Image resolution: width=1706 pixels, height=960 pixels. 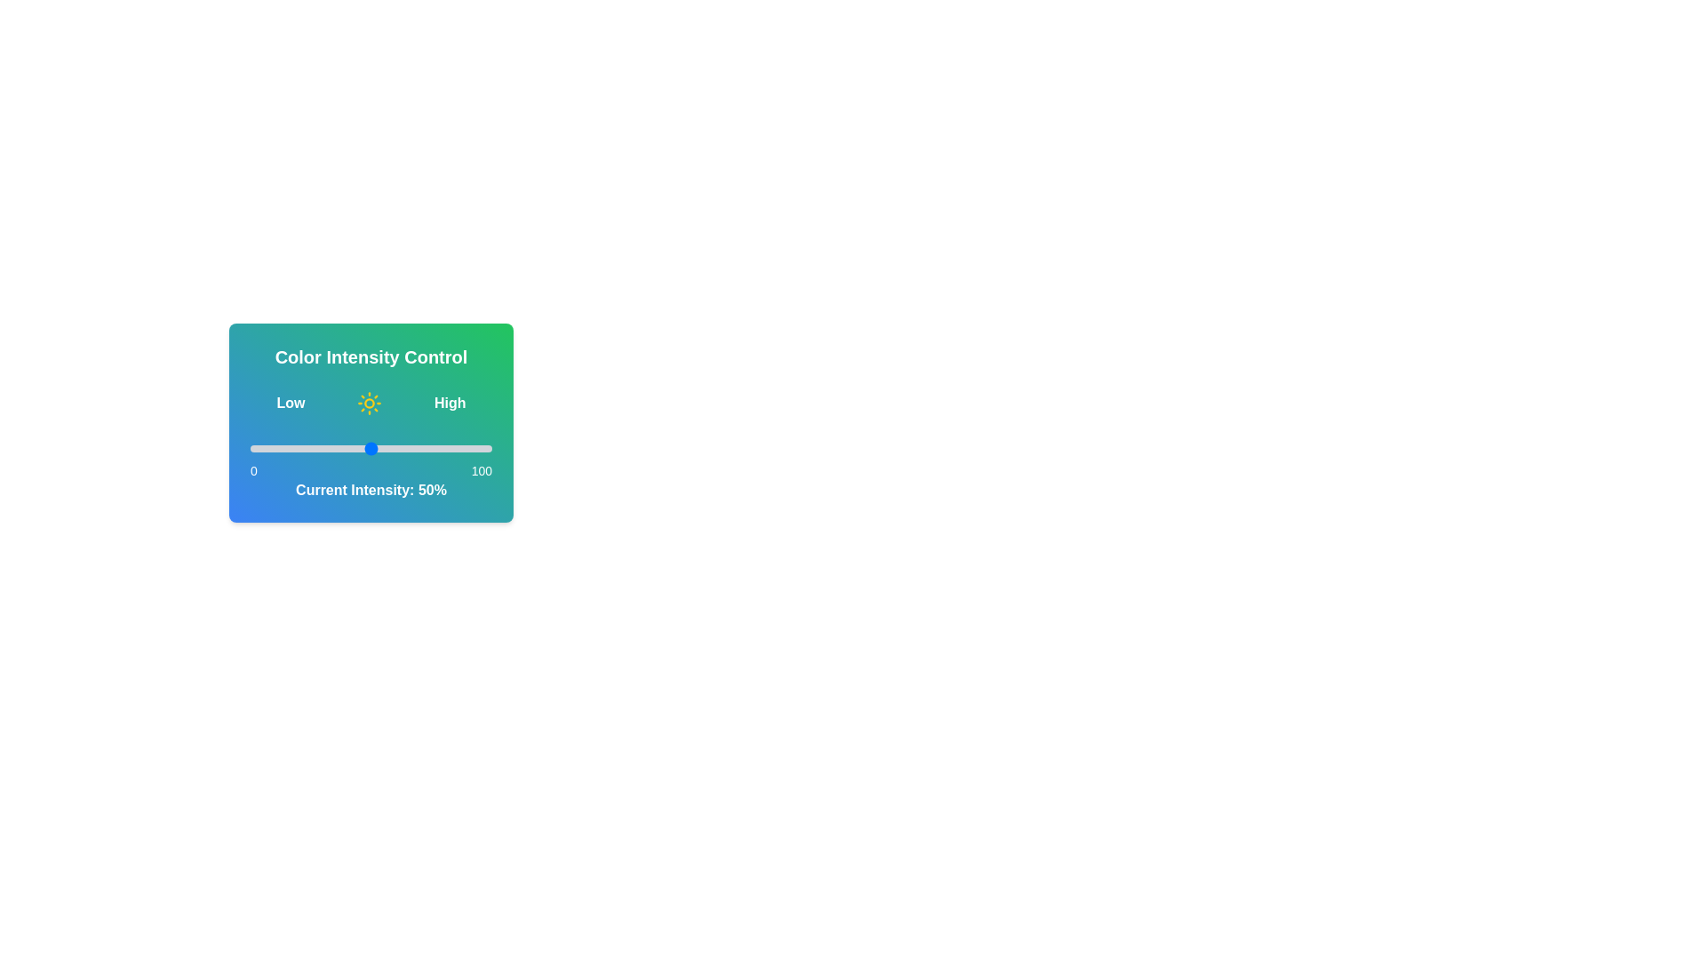 What do you see at coordinates (460, 448) in the screenshot?
I see `the color intensity` at bounding box center [460, 448].